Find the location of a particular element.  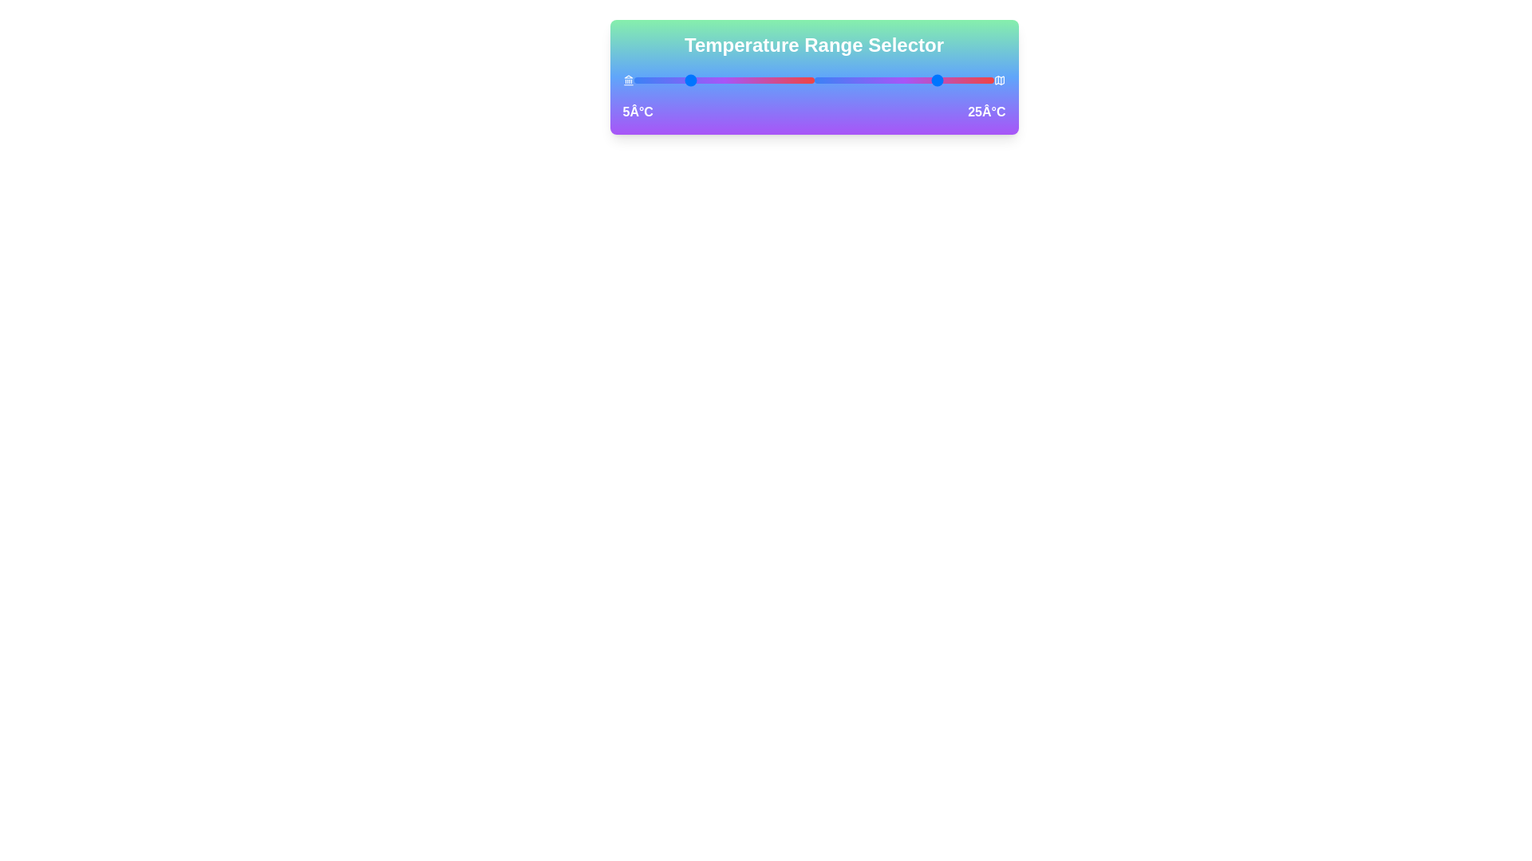

the left temperature slider to 9°C is located at coordinates (702, 80).